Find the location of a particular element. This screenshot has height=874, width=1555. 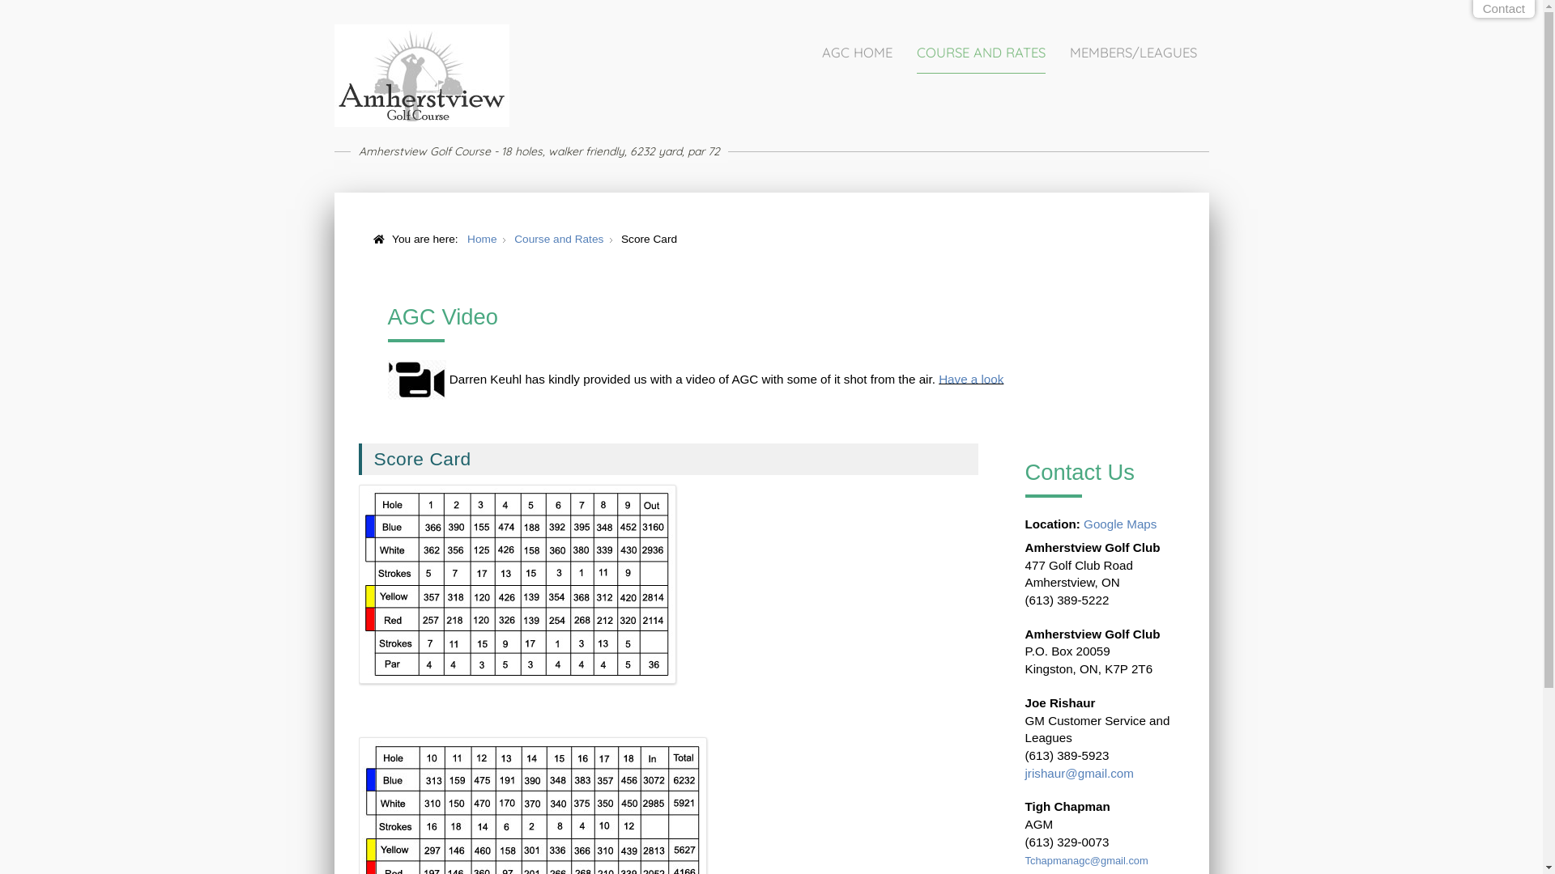

'jrishaur@gmail.com' is located at coordinates (1025, 772).